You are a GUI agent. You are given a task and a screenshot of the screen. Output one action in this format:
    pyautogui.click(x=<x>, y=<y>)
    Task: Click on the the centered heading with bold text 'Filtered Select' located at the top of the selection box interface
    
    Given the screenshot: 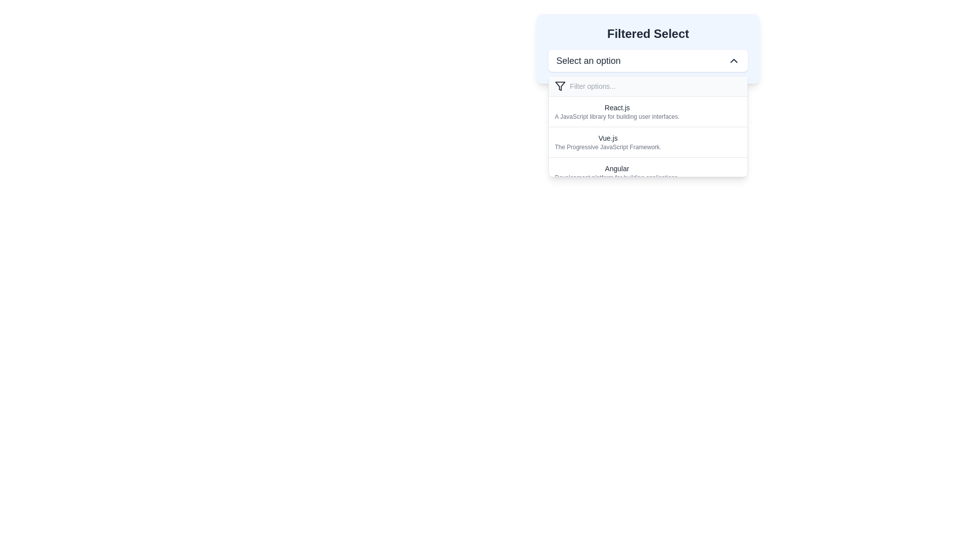 What is the action you would take?
    pyautogui.click(x=648, y=33)
    